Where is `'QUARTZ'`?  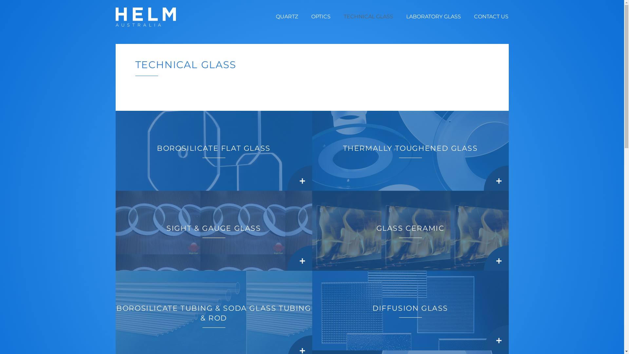 'QUARTZ' is located at coordinates (287, 16).